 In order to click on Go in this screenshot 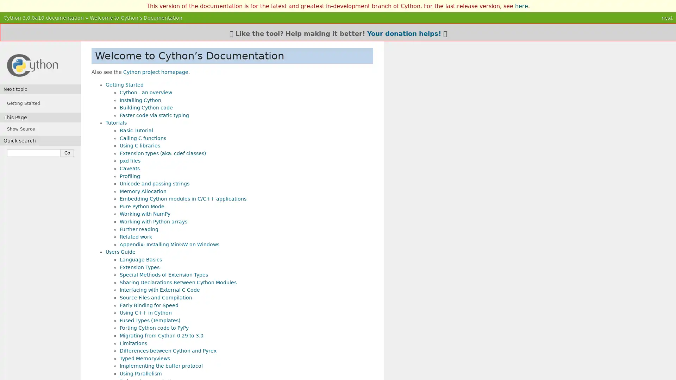, I will do `click(67, 153)`.